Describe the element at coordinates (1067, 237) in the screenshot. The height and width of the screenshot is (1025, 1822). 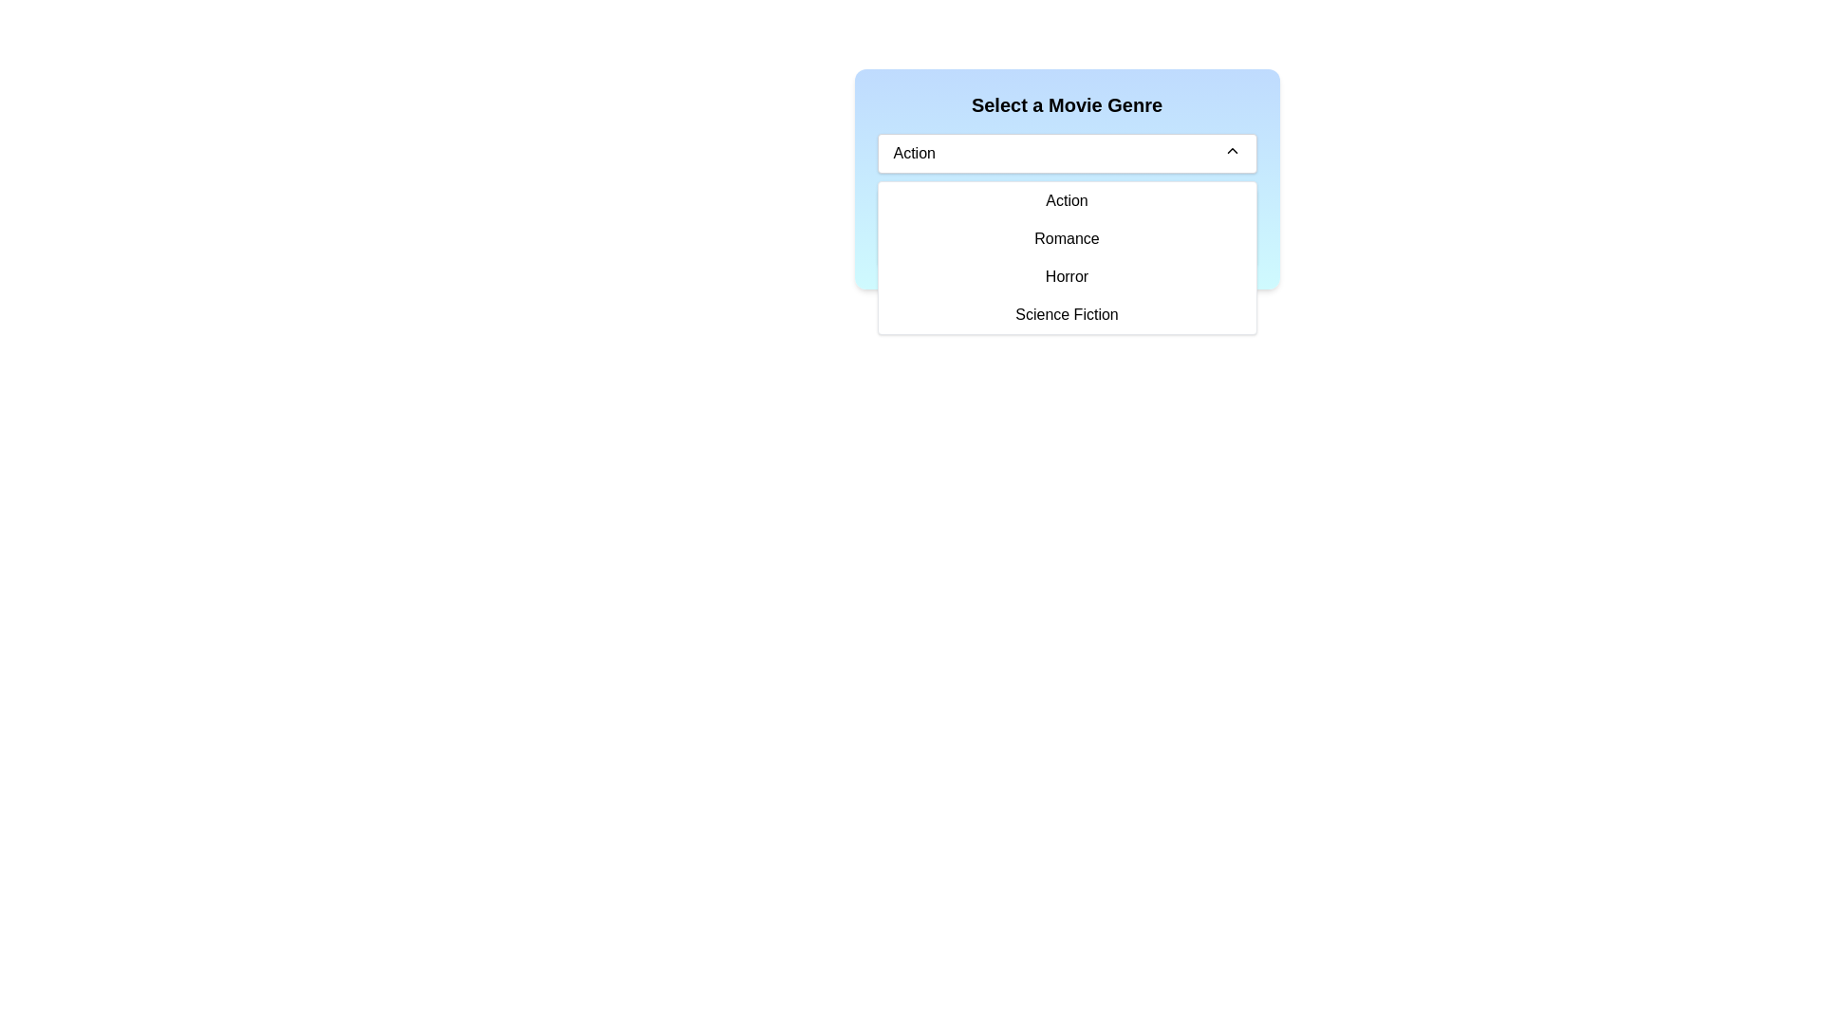
I see `the 'Romance' option in the dropdown menu` at that location.